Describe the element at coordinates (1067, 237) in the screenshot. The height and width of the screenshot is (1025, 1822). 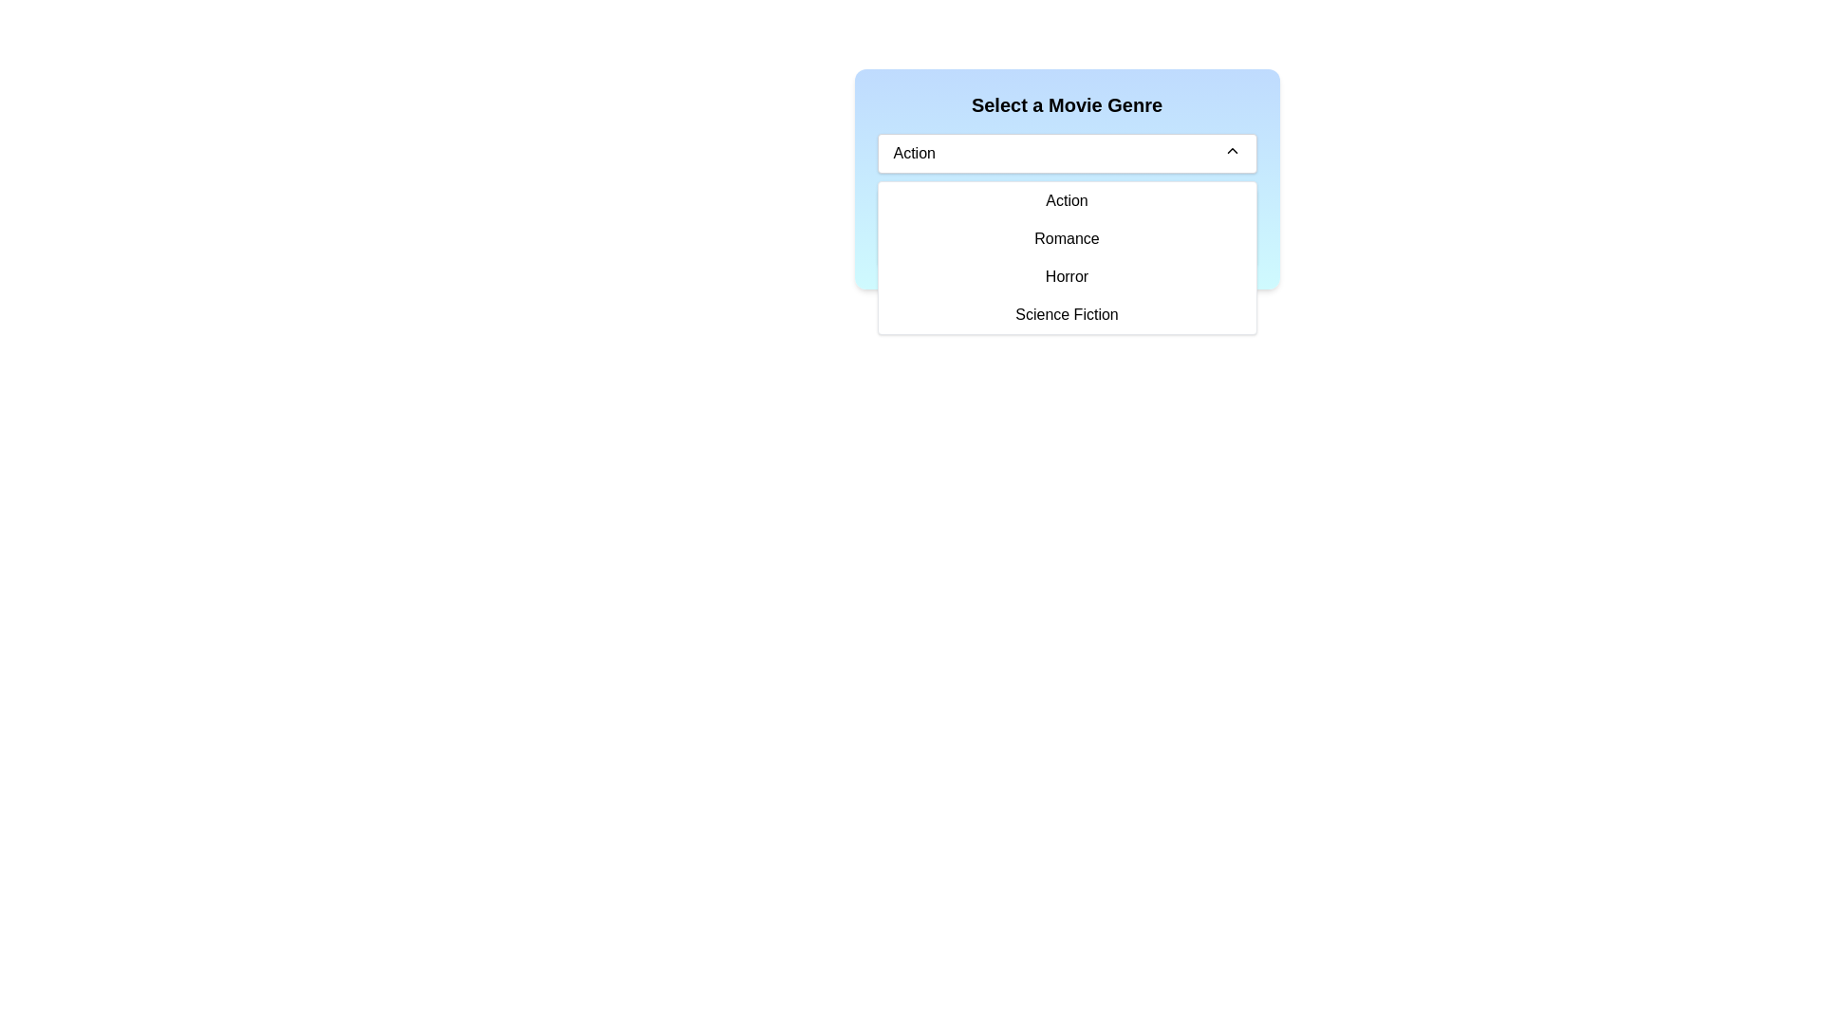
I see `the 'Romance' option in the dropdown menu` at that location.